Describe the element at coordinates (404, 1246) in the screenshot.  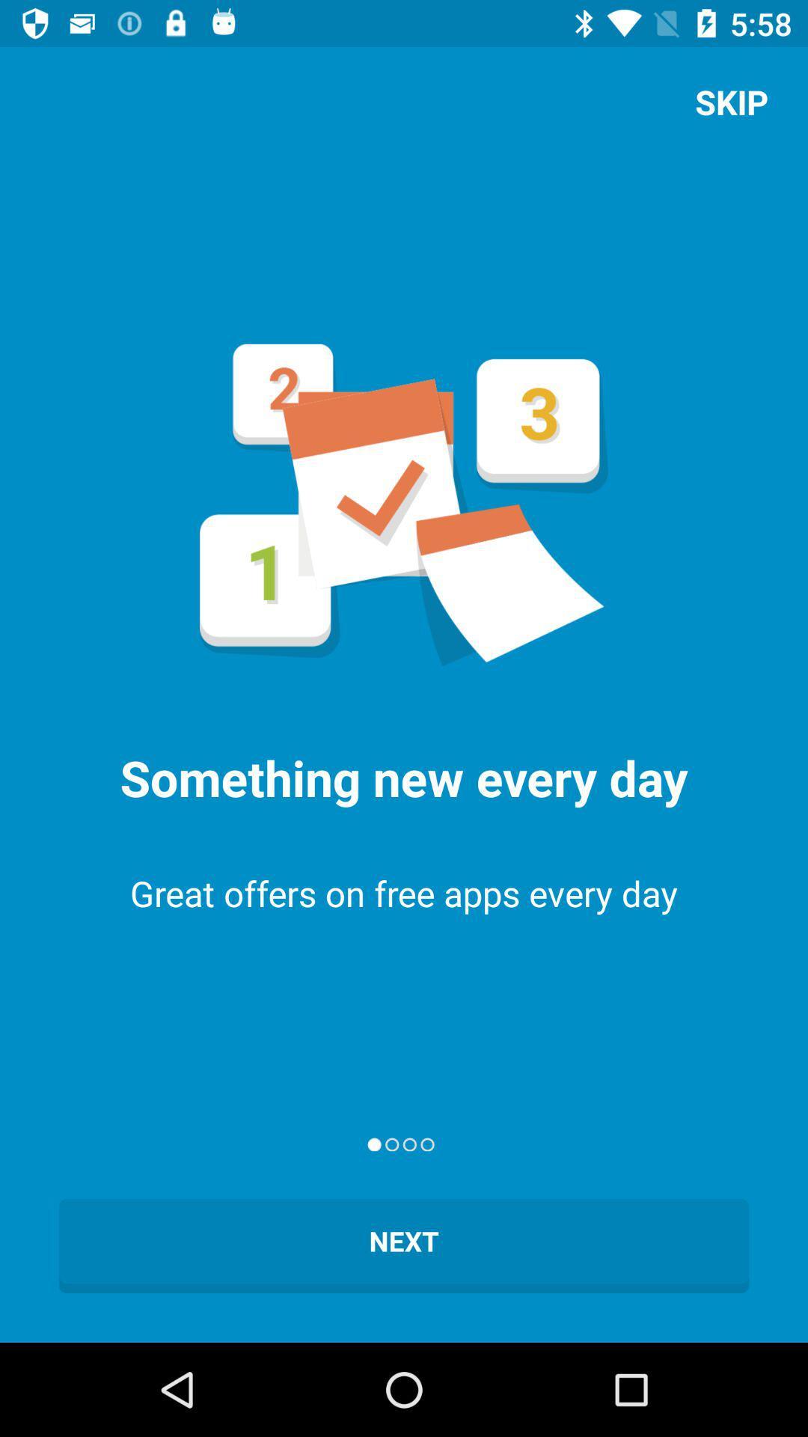
I see `the next item` at that location.